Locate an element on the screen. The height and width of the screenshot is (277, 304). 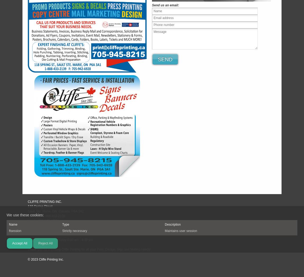
'SEND' is located at coordinates (165, 59).